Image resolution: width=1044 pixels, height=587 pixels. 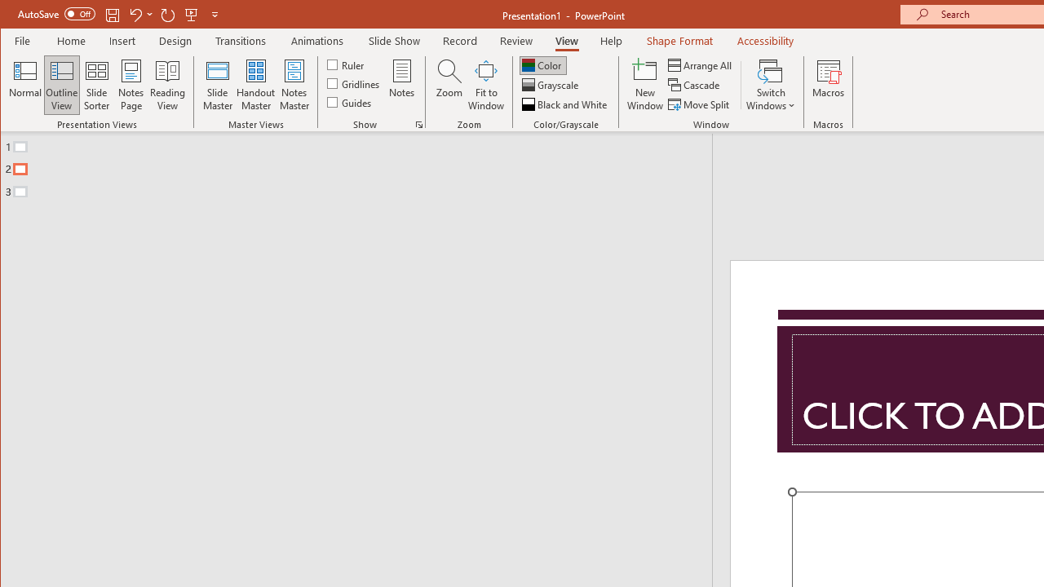 What do you see at coordinates (70, 40) in the screenshot?
I see `'Home'` at bounding box center [70, 40].